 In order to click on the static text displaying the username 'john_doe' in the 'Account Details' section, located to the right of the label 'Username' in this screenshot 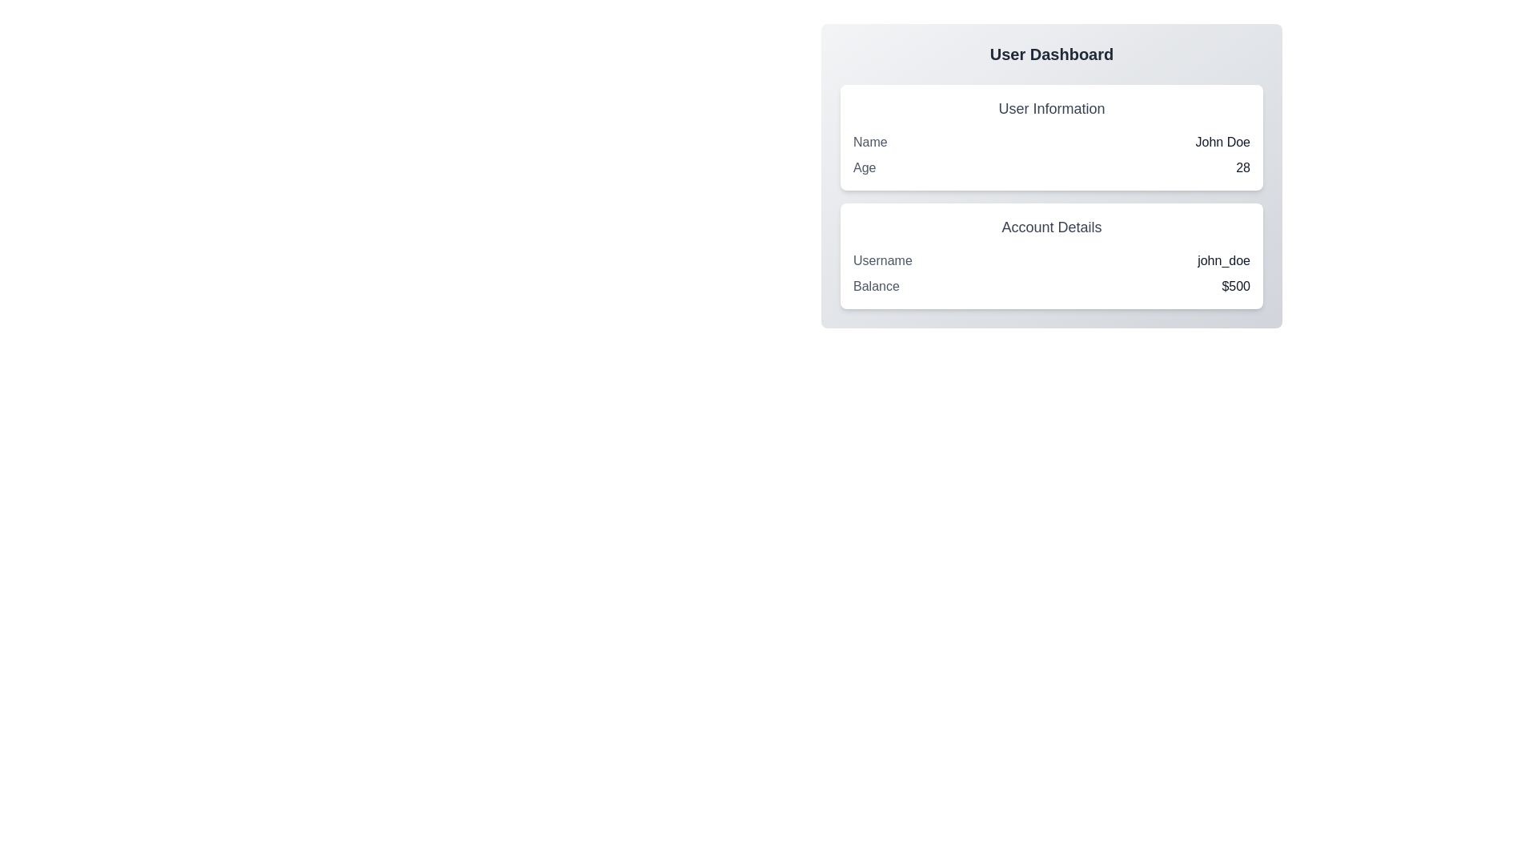, I will do `click(1223, 260)`.